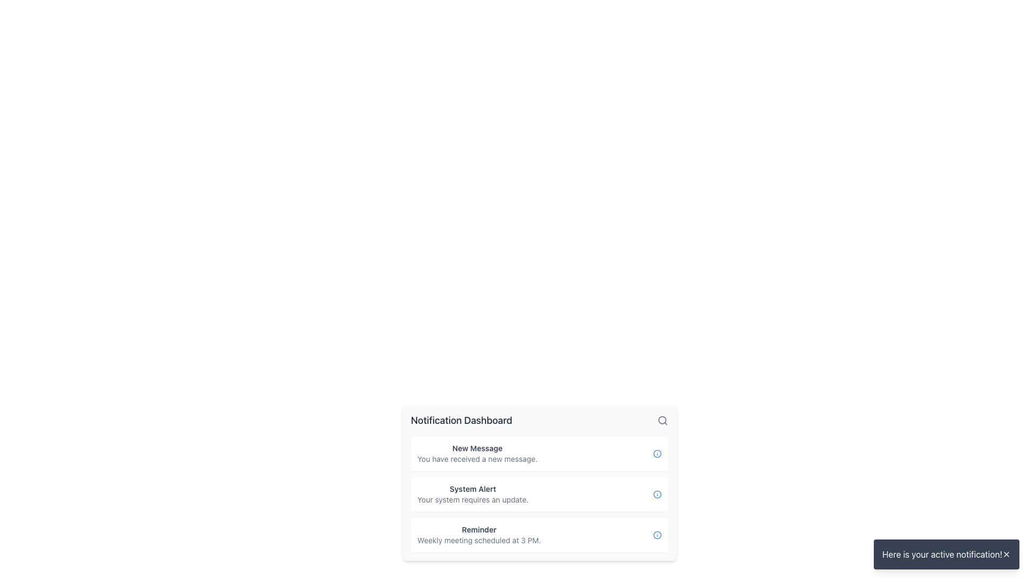  What do you see at coordinates (656, 495) in the screenshot?
I see `the small circular Information Icon with a blue border located next to the 'System Alert' text` at bounding box center [656, 495].